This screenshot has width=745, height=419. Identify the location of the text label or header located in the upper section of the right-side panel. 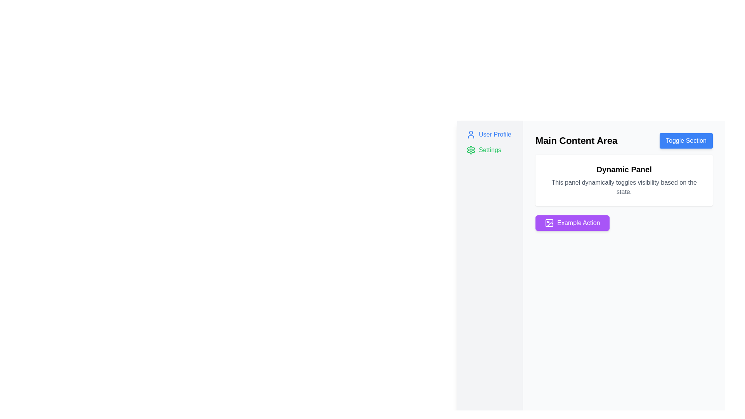
(576, 140).